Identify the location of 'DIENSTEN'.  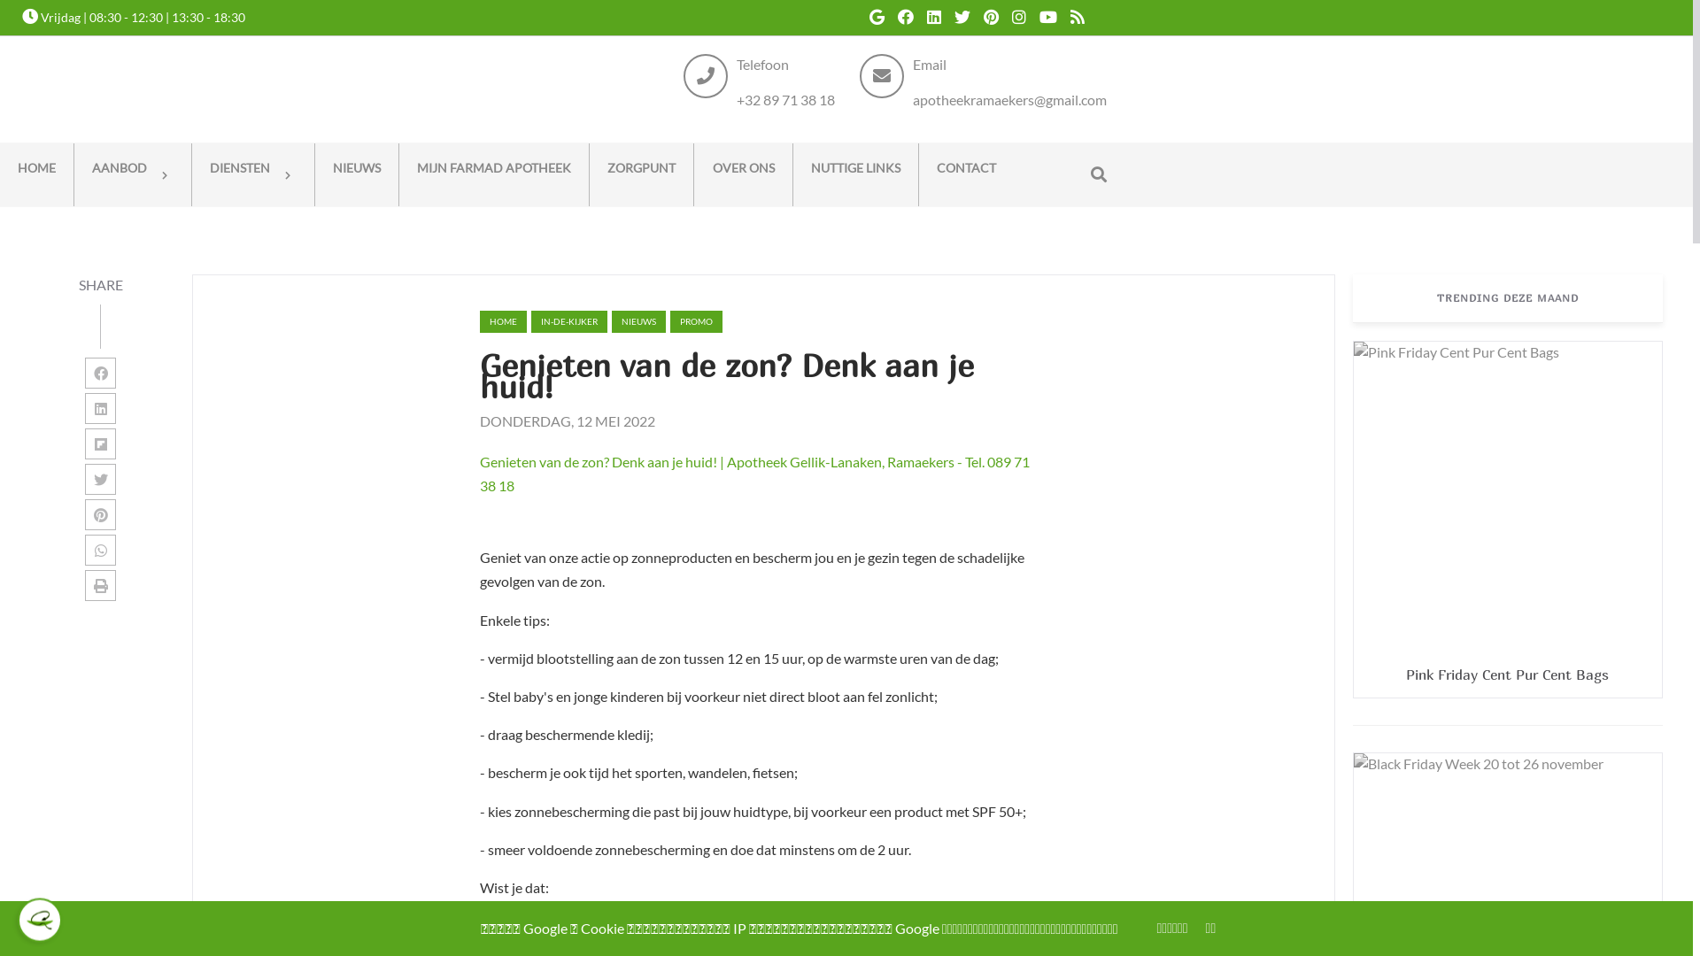
(191, 174).